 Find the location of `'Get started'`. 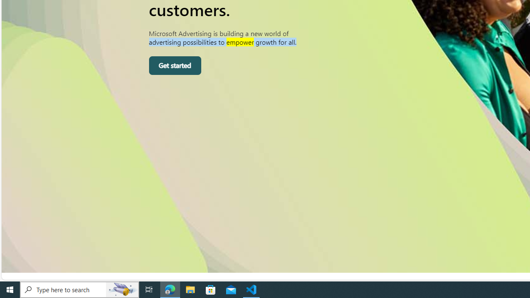

'Get started' is located at coordinates (174, 65).